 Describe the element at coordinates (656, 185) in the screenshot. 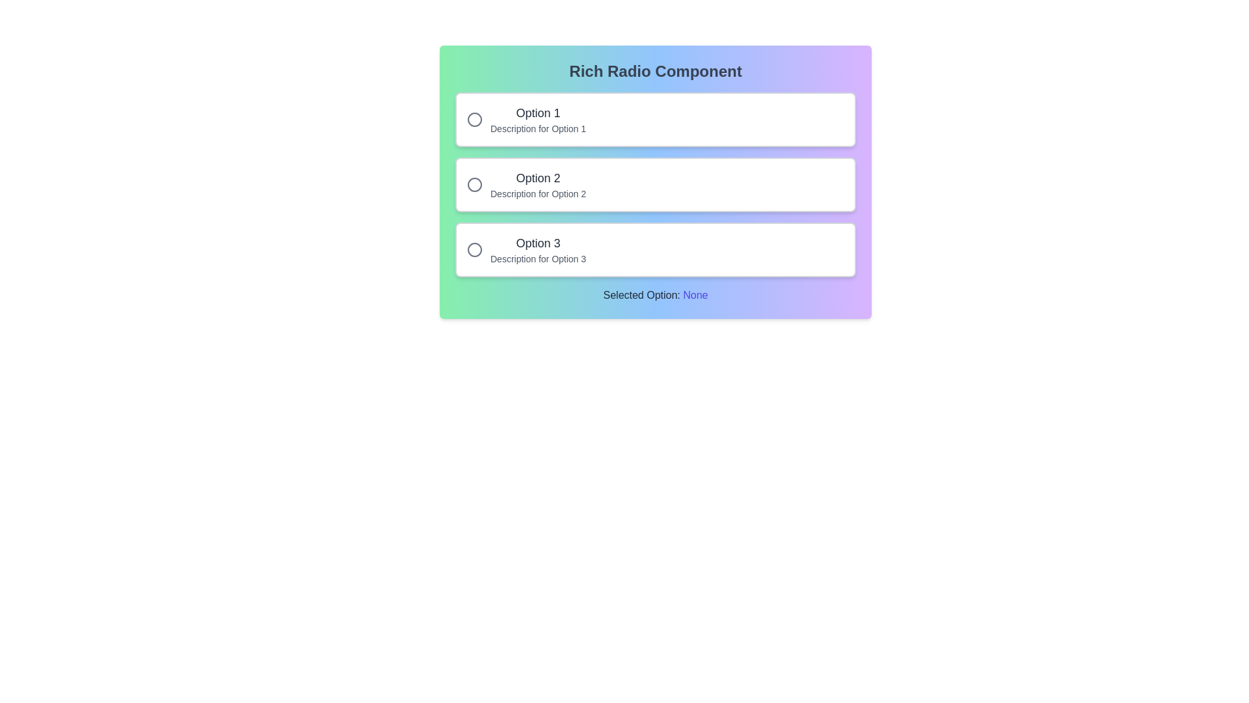

I see `the second selectable option in the vertical group of three, positioned between 'Option 1' and 'Option 3'` at that location.